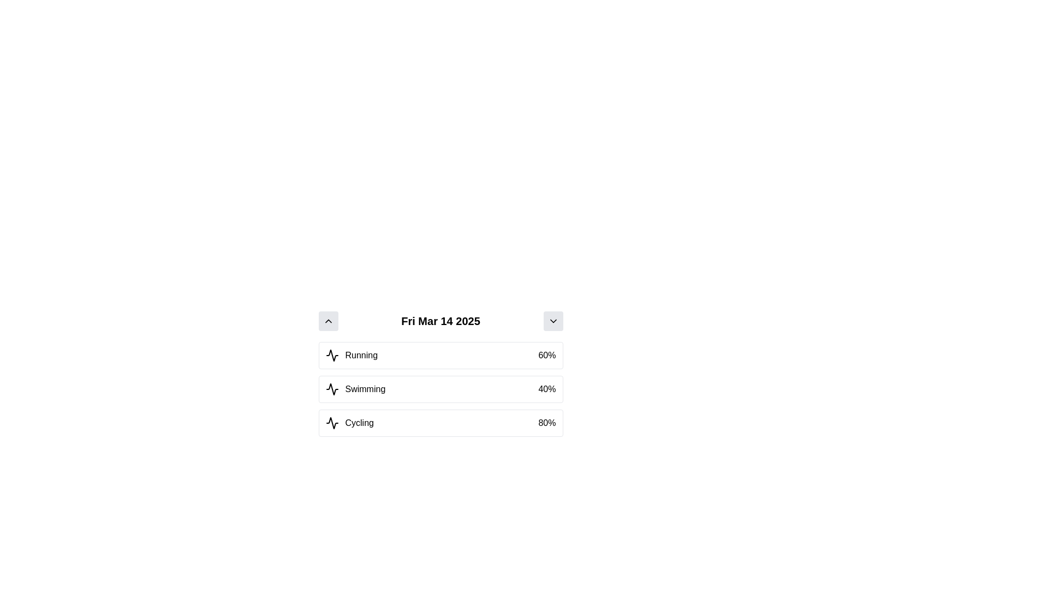  Describe the element at coordinates (359, 422) in the screenshot. I see `text label indicating the activity 'Cycling' in the third row of the vertical list` at that location.